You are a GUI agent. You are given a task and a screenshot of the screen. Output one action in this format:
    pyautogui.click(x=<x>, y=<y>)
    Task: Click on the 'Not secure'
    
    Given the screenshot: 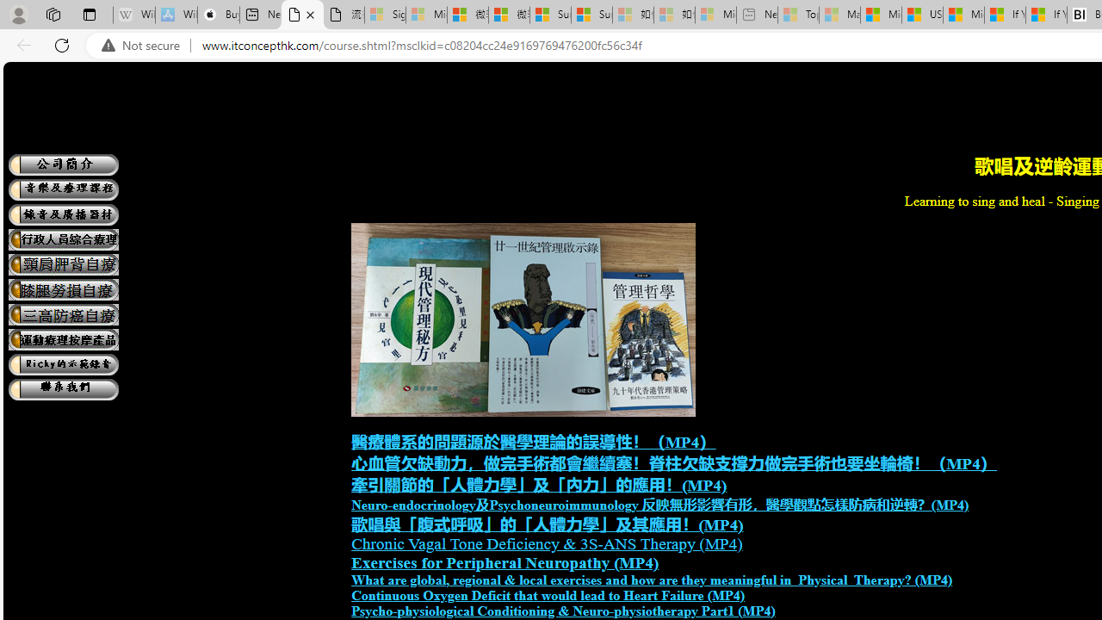 What is the action you would take?
    pyautogui.click(x=145, y=45)
    